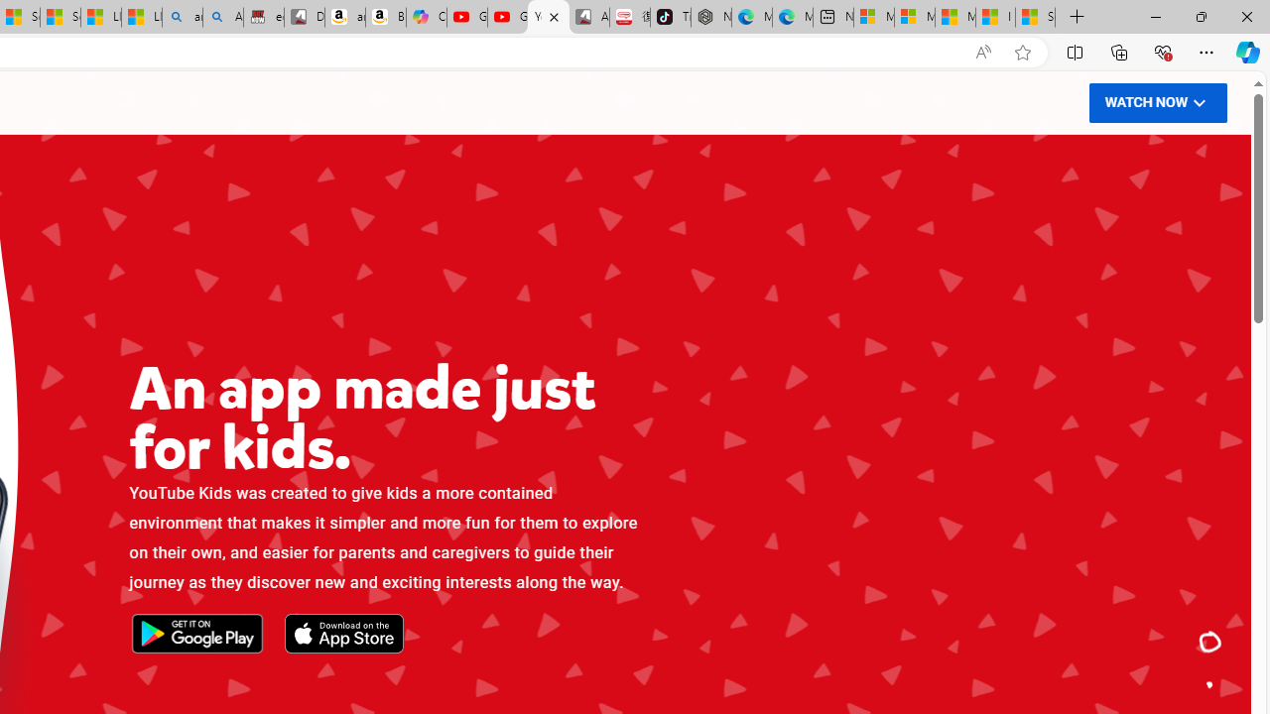  Describe the element at coordinates (345, 17) in the screenshot. I see `'amazon.in/dp/B0CX59H5W7/?tag=gsmcom05-21'` at that location.